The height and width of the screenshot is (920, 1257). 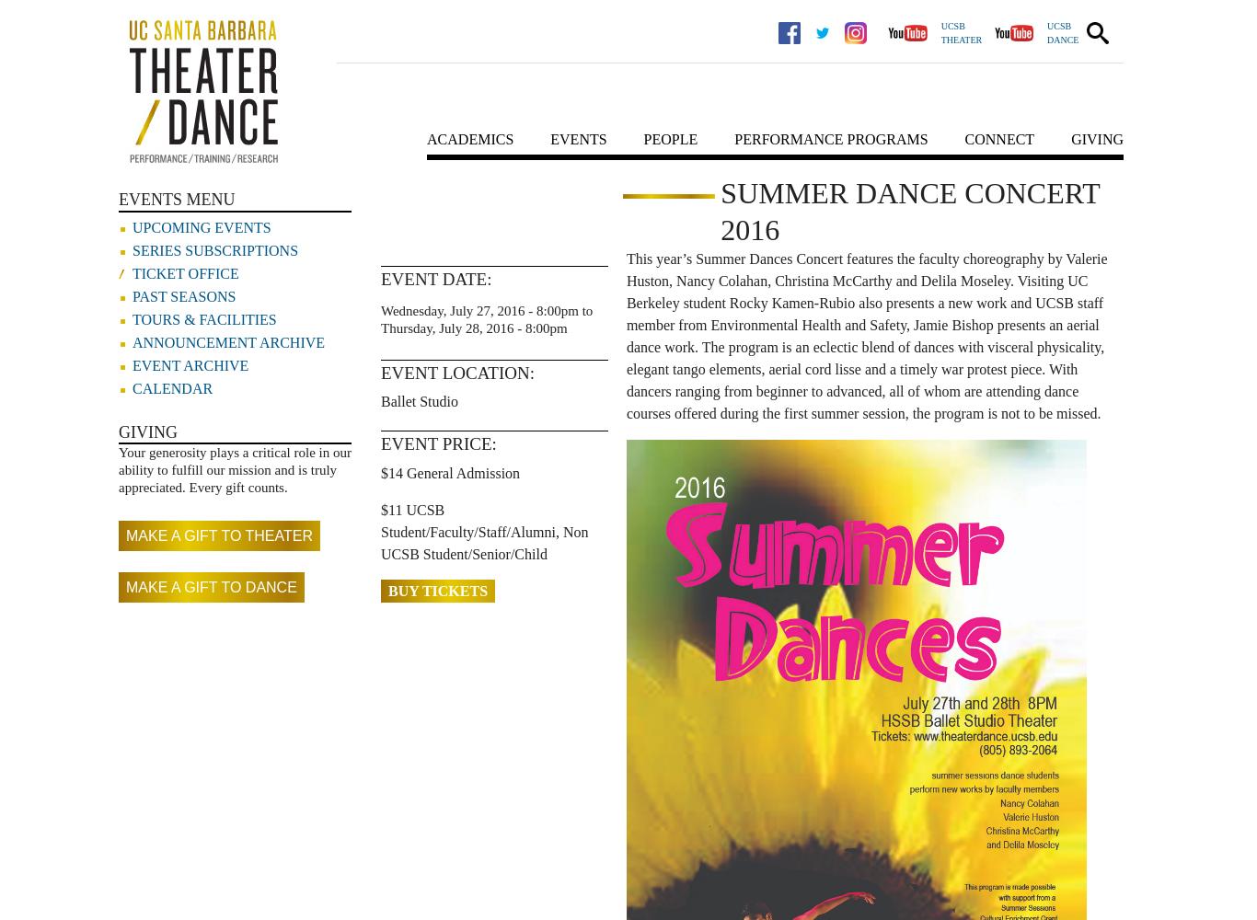 What do you see at coordinates (830, 139) in the screenshot?
I see `'Performance Programs'` at bounding box center [830, 139].